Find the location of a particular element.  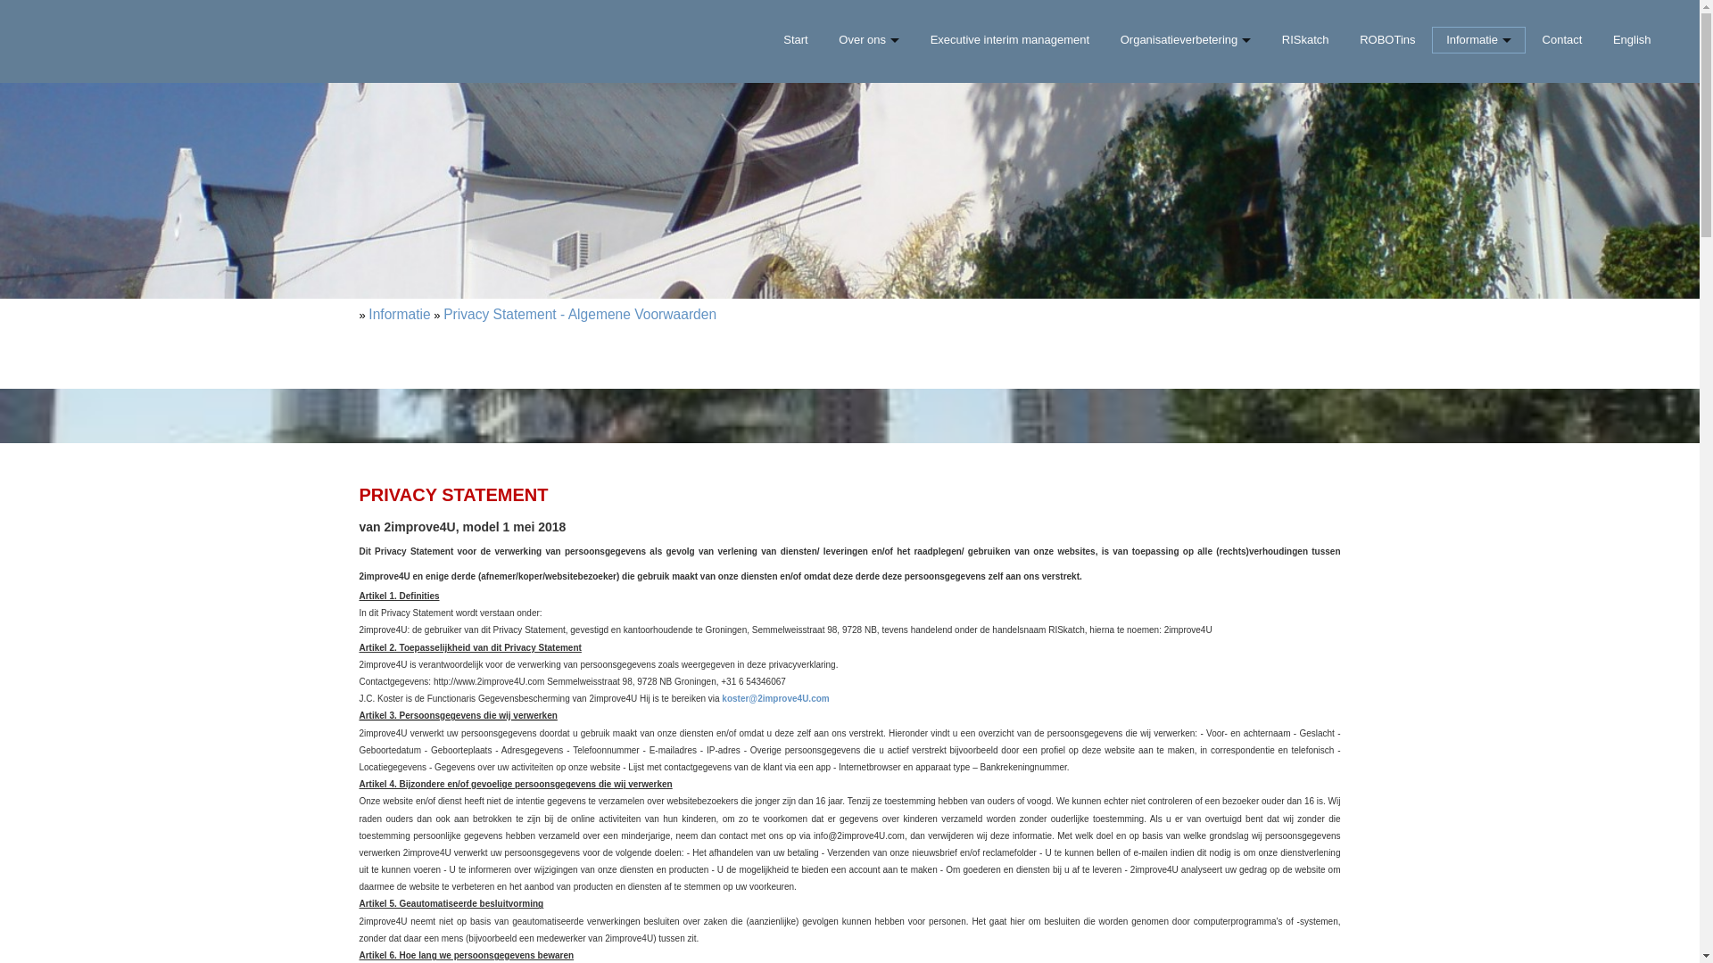

'Start' is located at coordinates (795, 40).